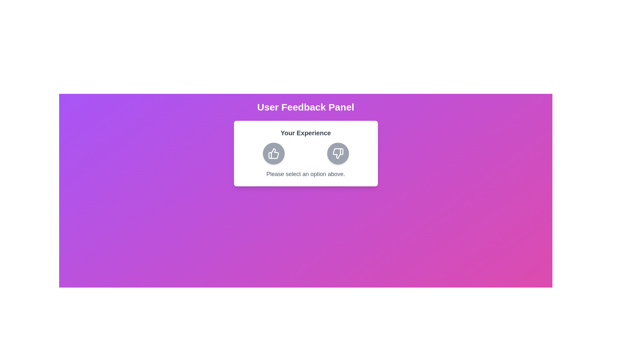 This screenshot has height=347, width=617. I want to click on the thumbs up button to give positive feedback, so click(273, 154).